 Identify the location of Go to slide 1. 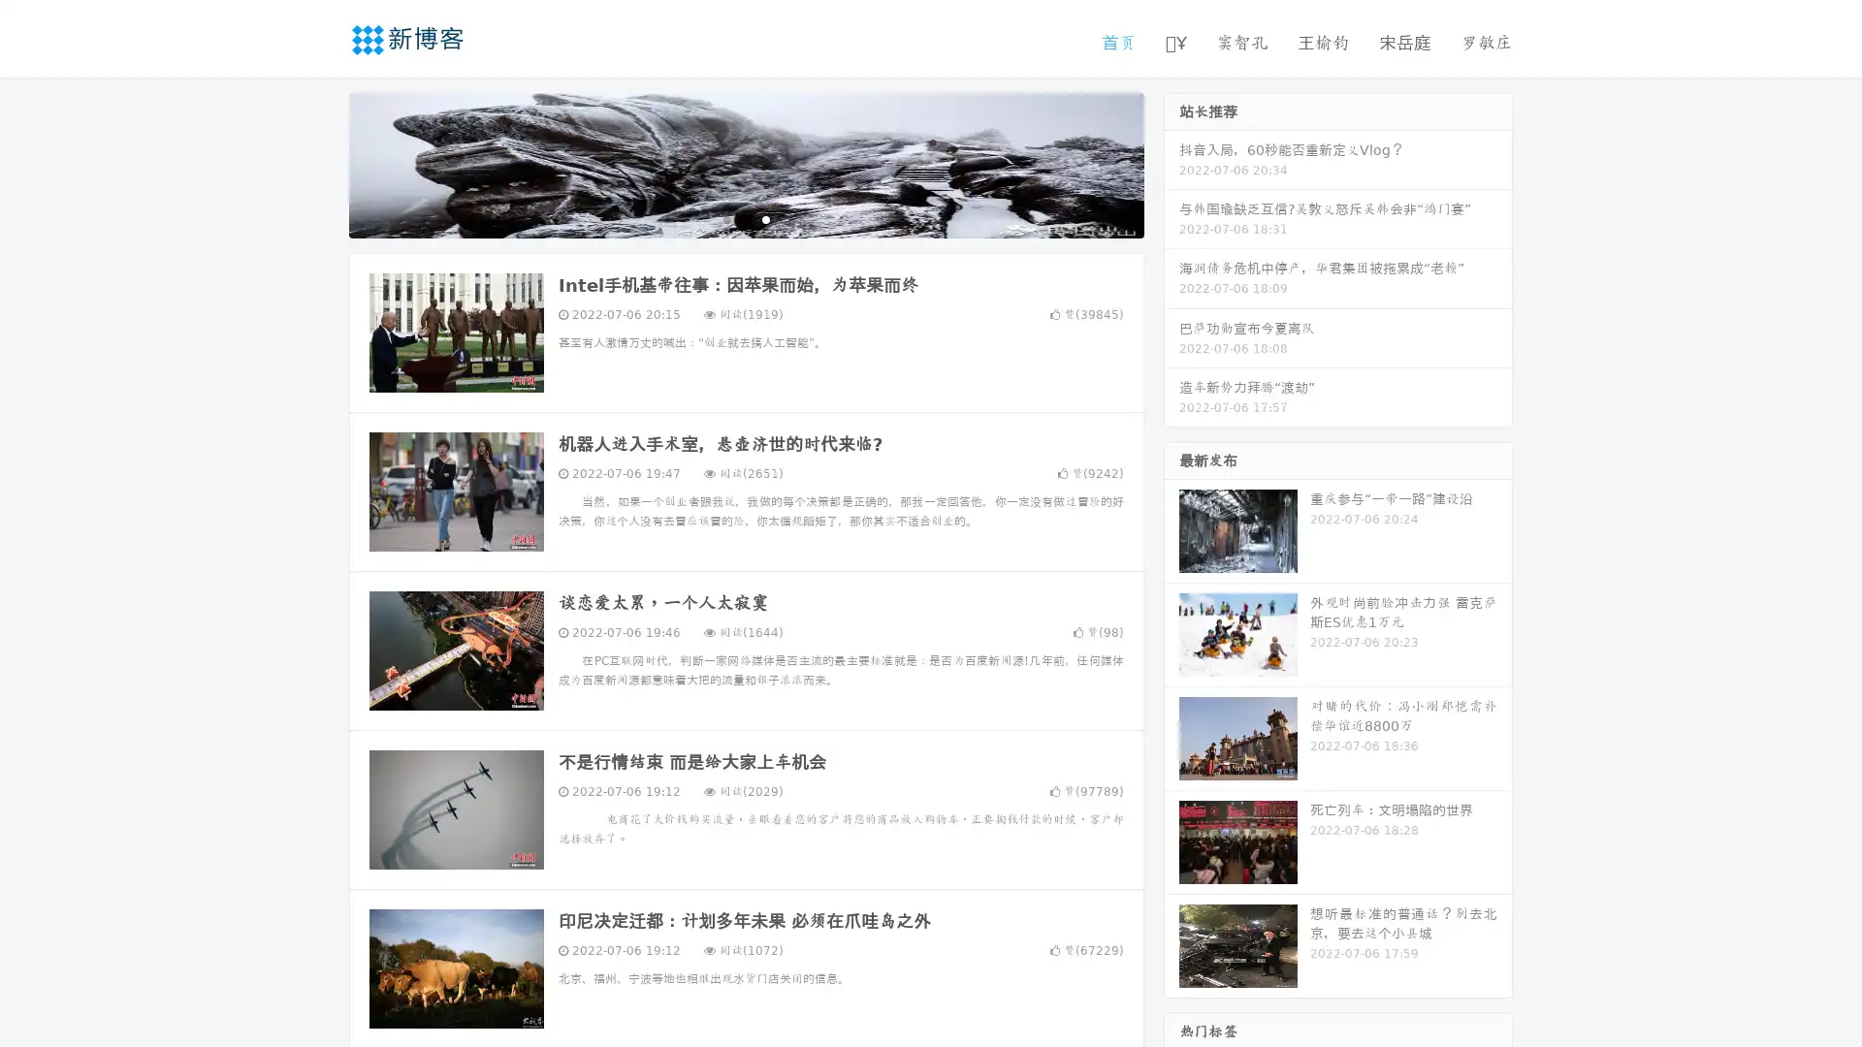
(725, 218).